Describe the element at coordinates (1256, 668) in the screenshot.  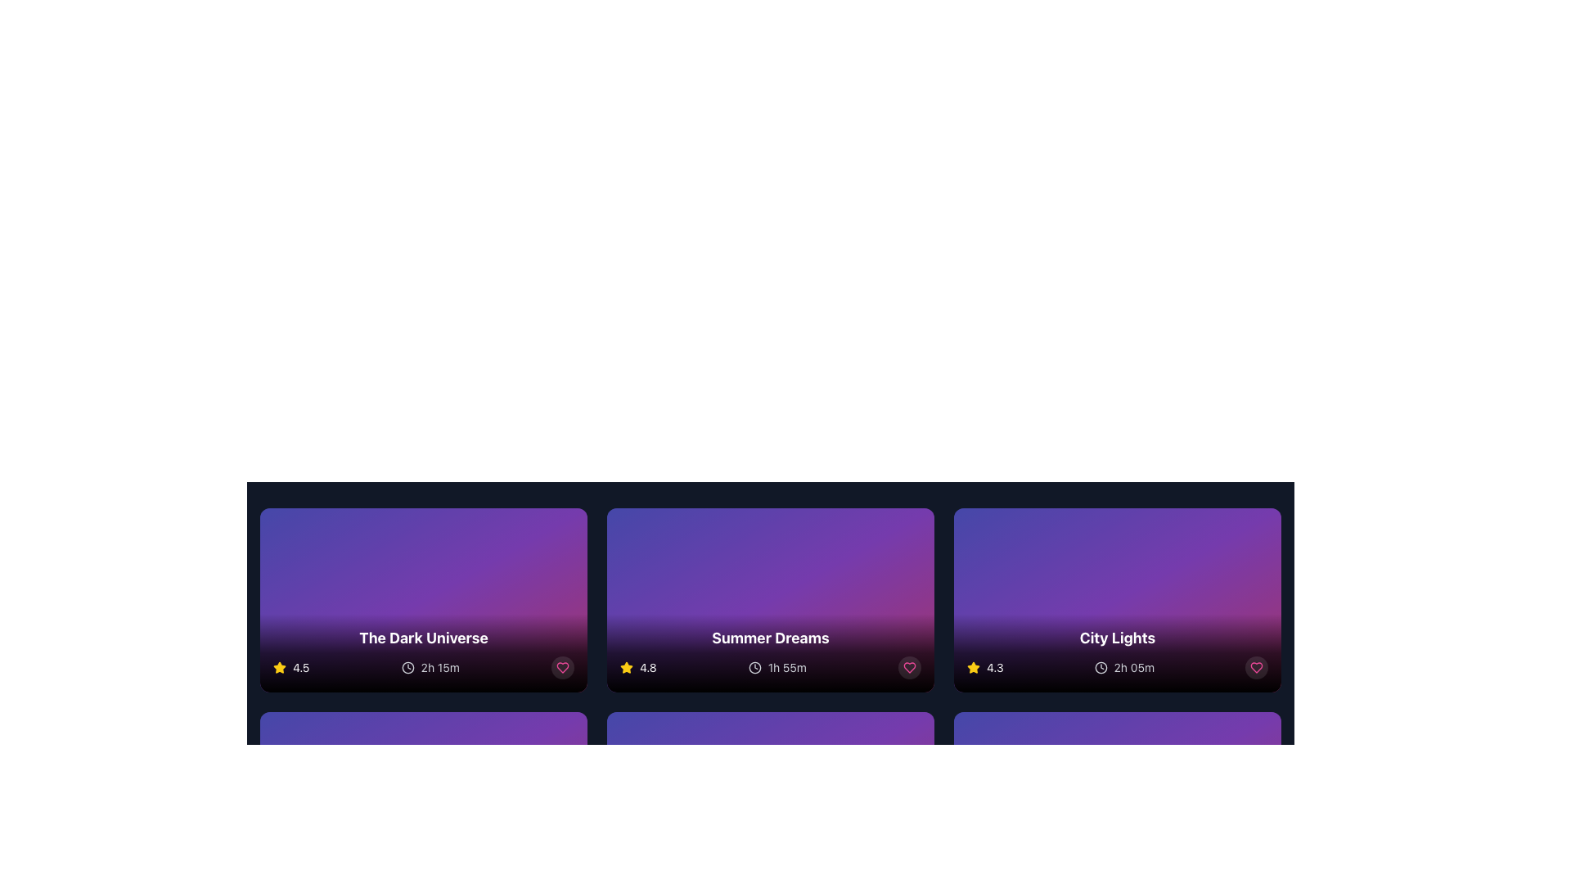
I see `the heart-shaped pink icon located in the bottom right corner of the 'City Lights' card` at that location.